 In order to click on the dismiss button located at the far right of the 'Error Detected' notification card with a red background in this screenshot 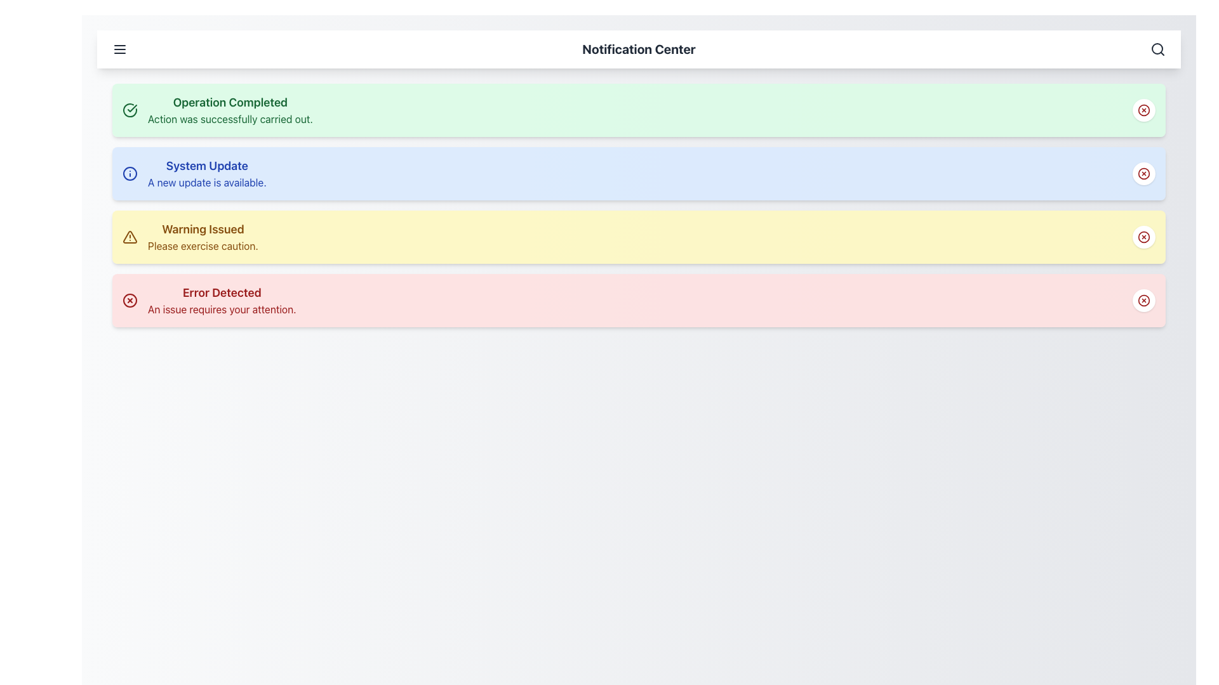, I will do `click(1143, 301)`.